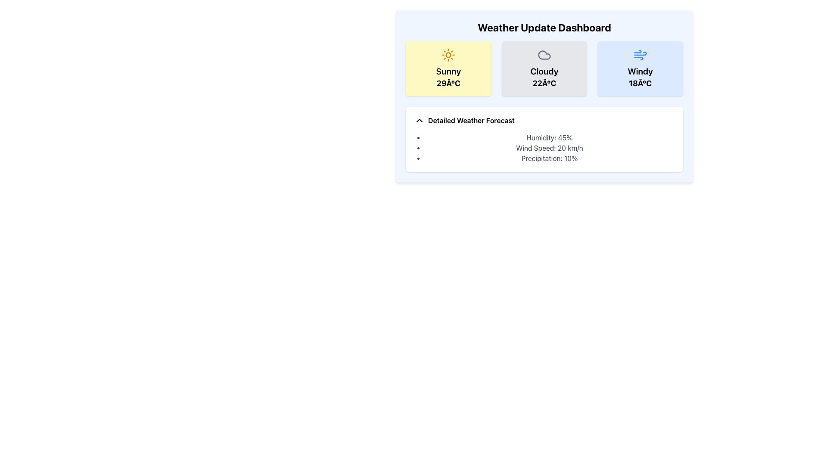  I want to click on the Upward Chevron Icon located at the leftmost side of the 'Detailed Weather Forecast' section, so click(420, 121).